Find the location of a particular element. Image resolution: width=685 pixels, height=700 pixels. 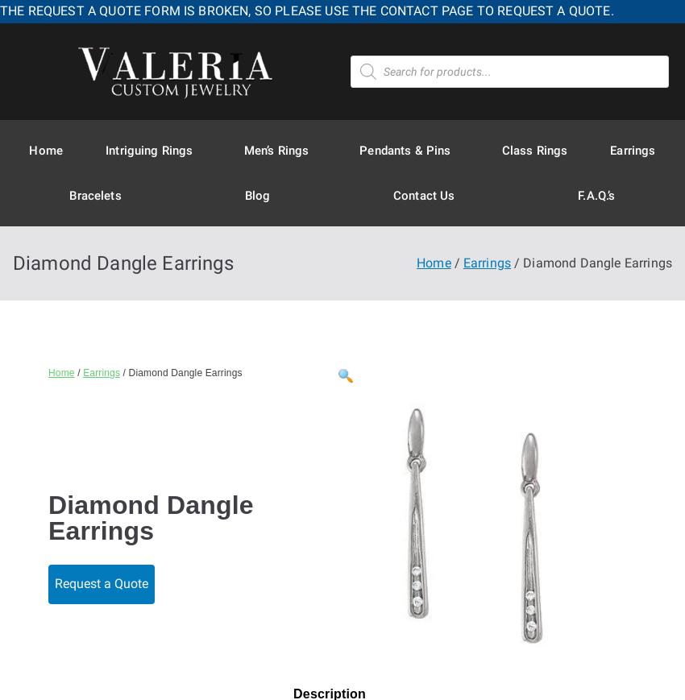

'/ Diamond Dangle Earrings' is located at coordinates (120, 371).